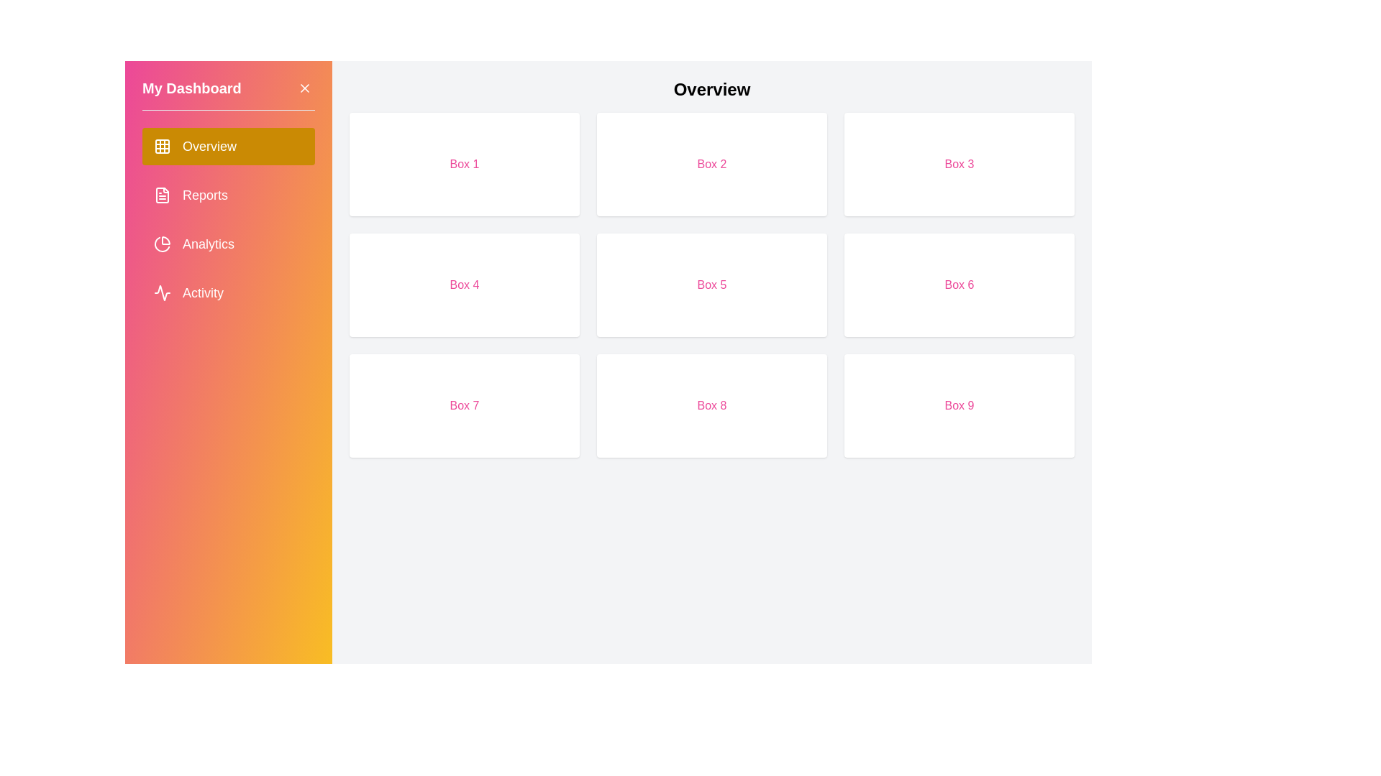  I want to click on the close button (X icon) to hide the sidebar, so click(304, 88).